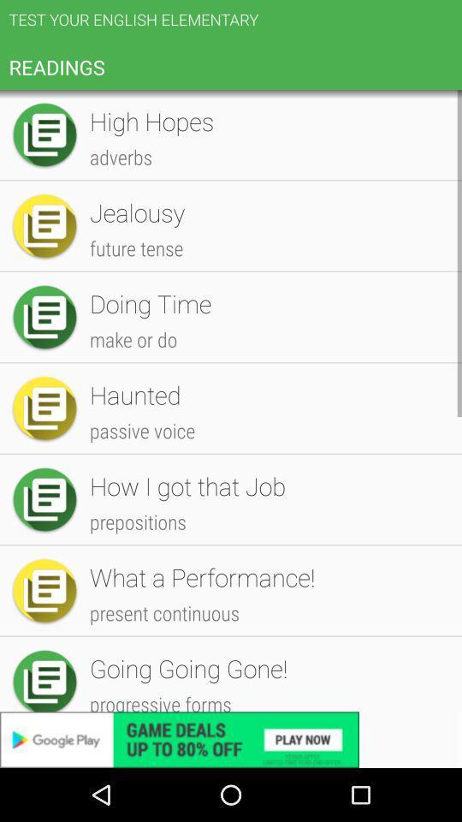  Describe the element at coordinates (267, 192) in the screenshot. I see `icon above the random test item` at that location.